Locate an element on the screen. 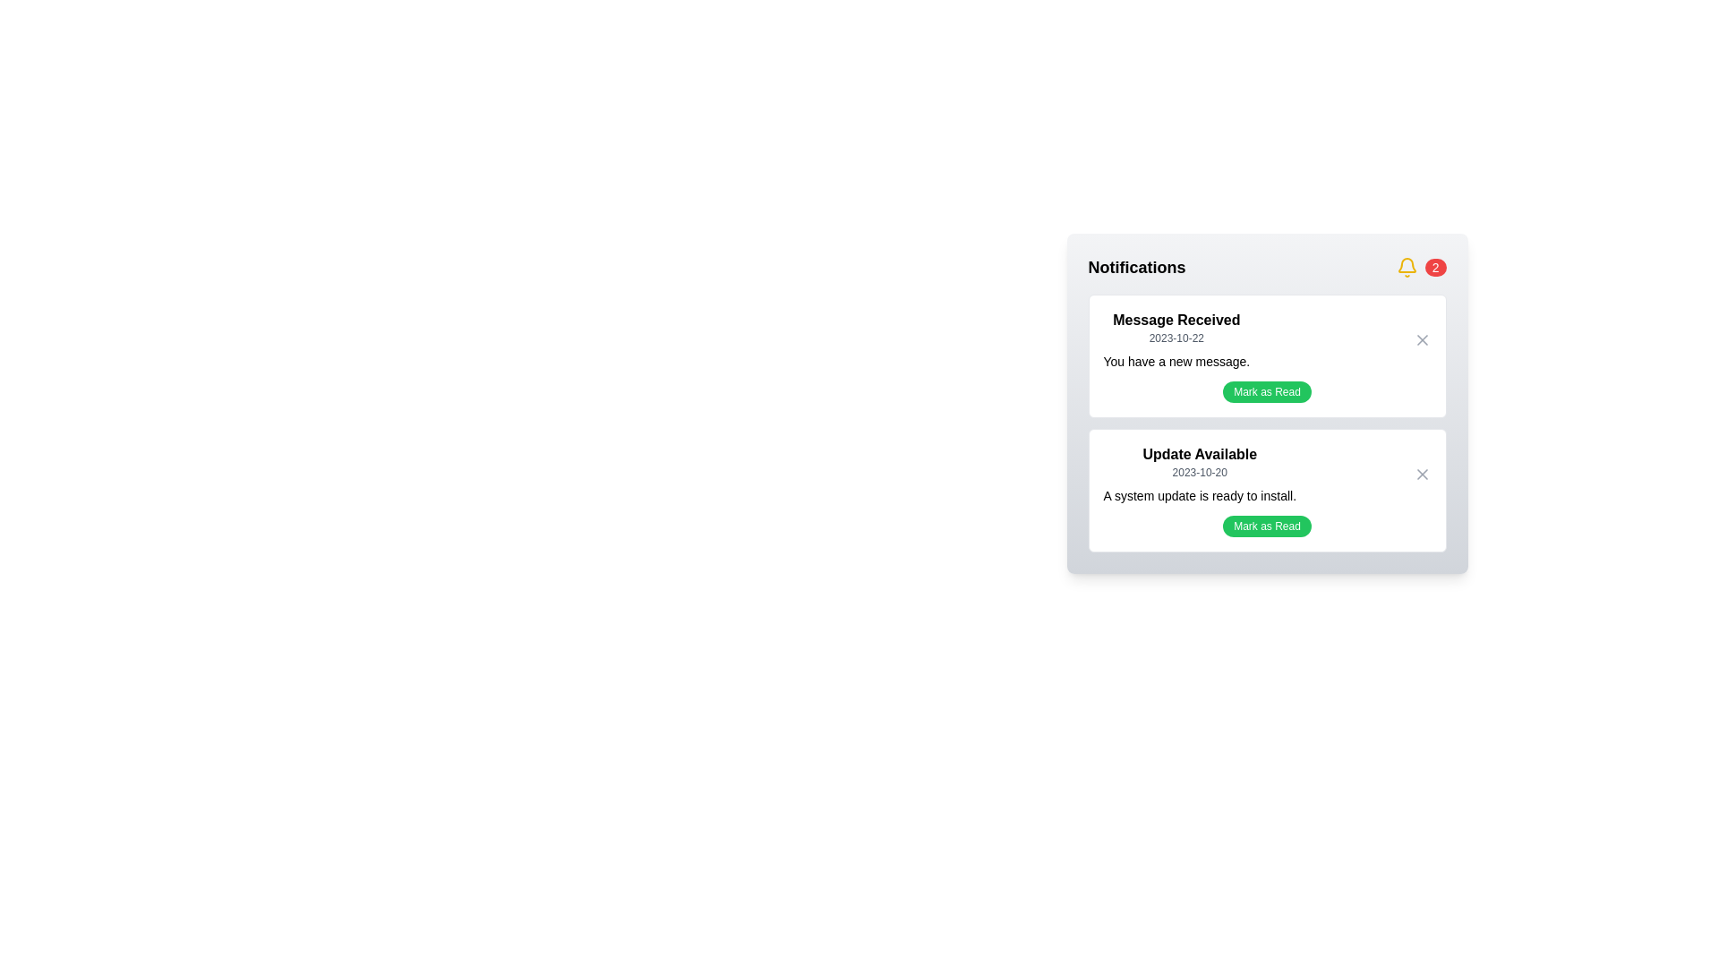 Image resolution: width=1719 pixels, height=967 pixels. text on the second notification card in the Notifications panel which states 'Update Available' and 'A system update is ready to install.' is located at coordinates (1266, 490).